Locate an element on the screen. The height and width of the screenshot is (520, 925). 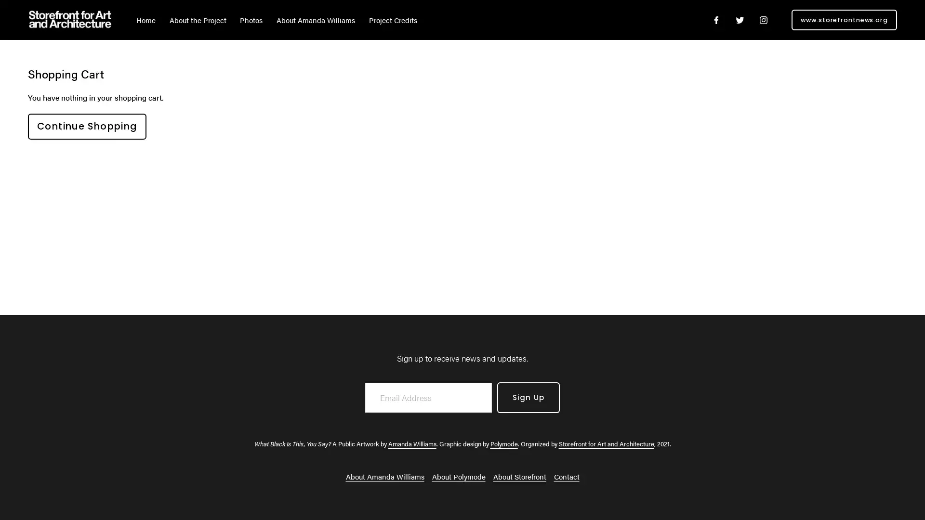
Sign Up is located at coordinates (528, 397).